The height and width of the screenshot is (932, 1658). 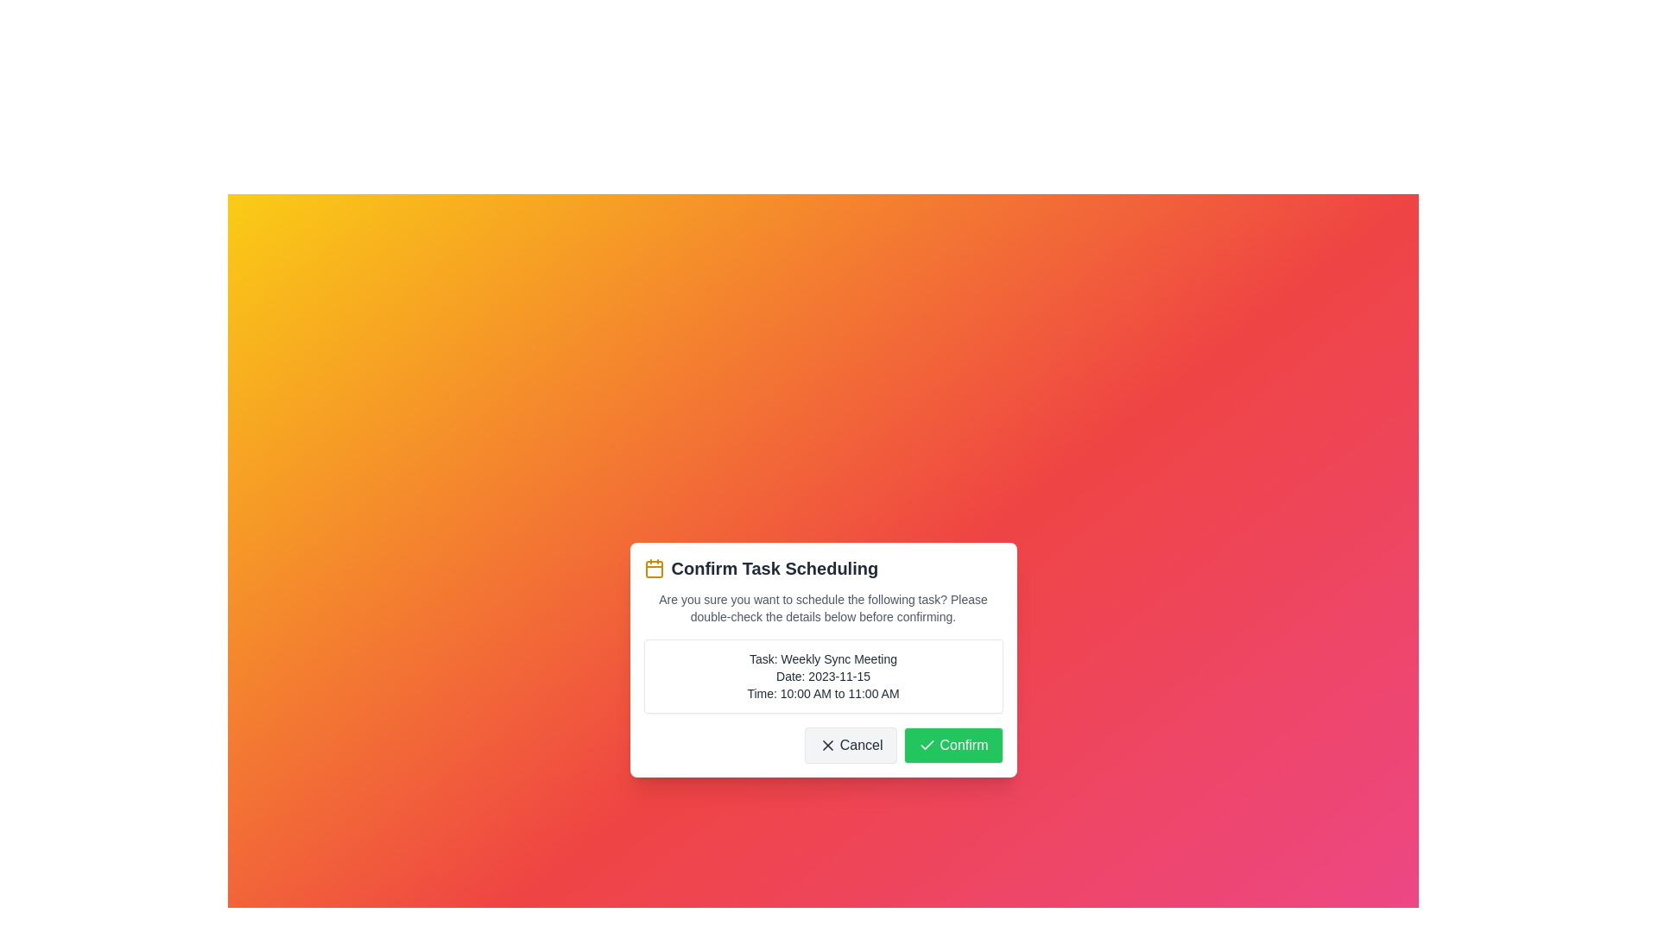 I want to click on the confirm button which contains the green checkmark icon, located in the bottom bar of the confirmation dialog, so click(x=927, y=744).